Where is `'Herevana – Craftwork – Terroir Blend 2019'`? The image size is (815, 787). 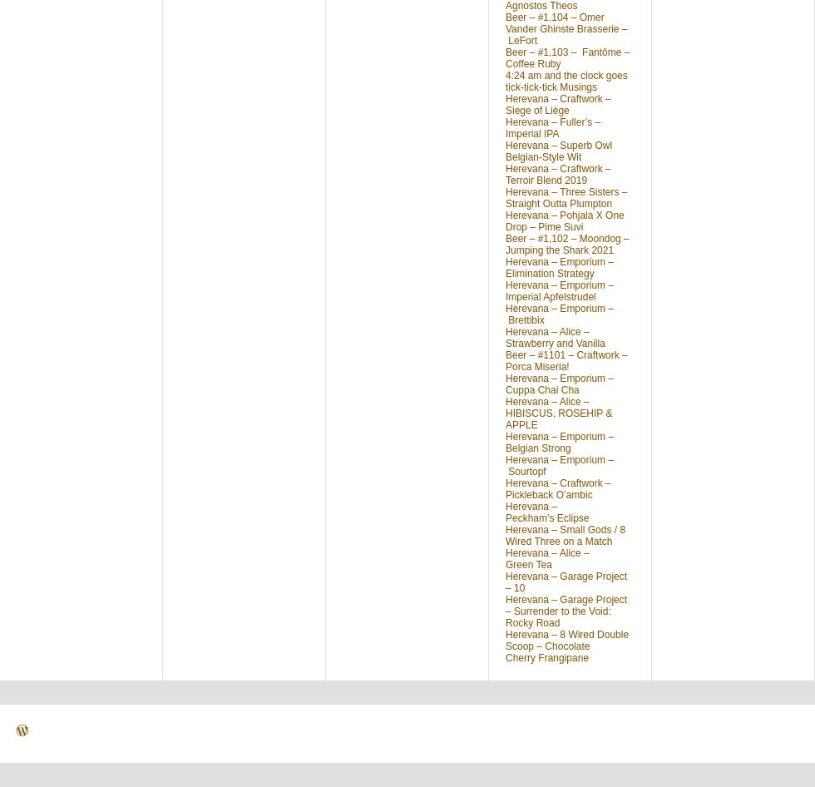 'Herevana – Craftwork – Terroir Blend 2019' is located at coordinates (558, 175).